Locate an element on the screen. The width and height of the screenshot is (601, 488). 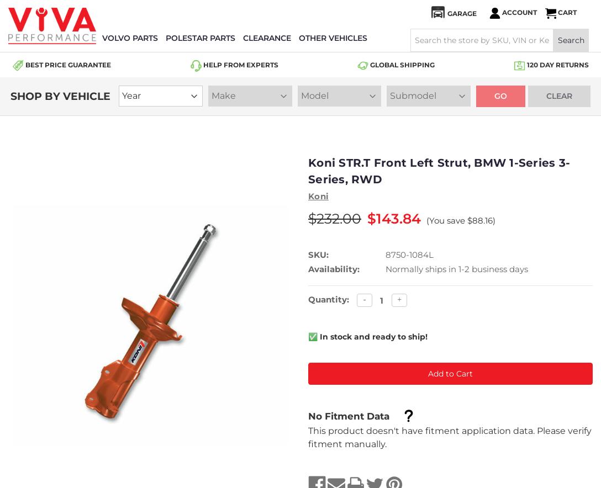
'8750-1084L' is located at coordinates (409, 254).